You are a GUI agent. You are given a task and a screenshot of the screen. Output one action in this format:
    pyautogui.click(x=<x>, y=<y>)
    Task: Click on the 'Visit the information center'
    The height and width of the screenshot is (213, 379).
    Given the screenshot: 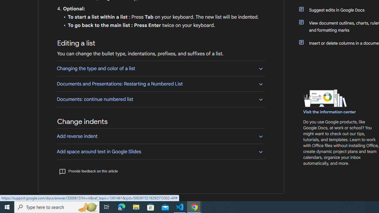 What is the action you would take?
    pyautogui.click(x=329, y=112)
    